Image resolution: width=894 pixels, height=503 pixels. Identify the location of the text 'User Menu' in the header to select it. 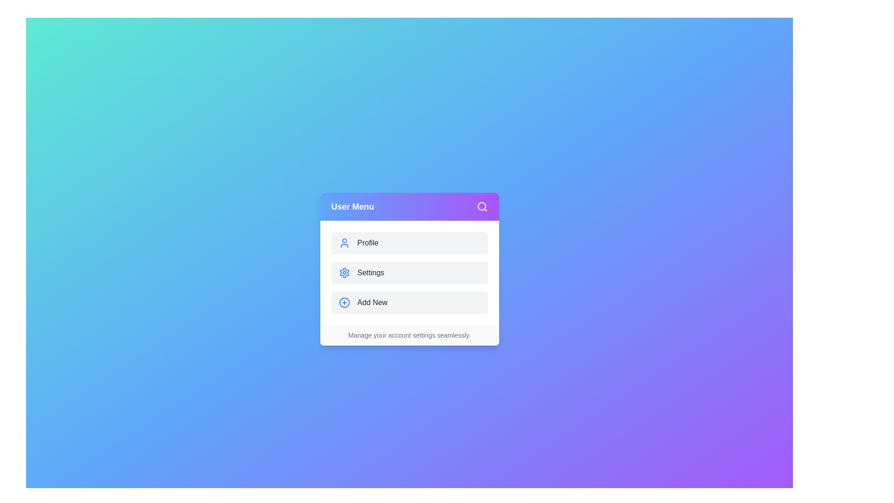
(352, 206).